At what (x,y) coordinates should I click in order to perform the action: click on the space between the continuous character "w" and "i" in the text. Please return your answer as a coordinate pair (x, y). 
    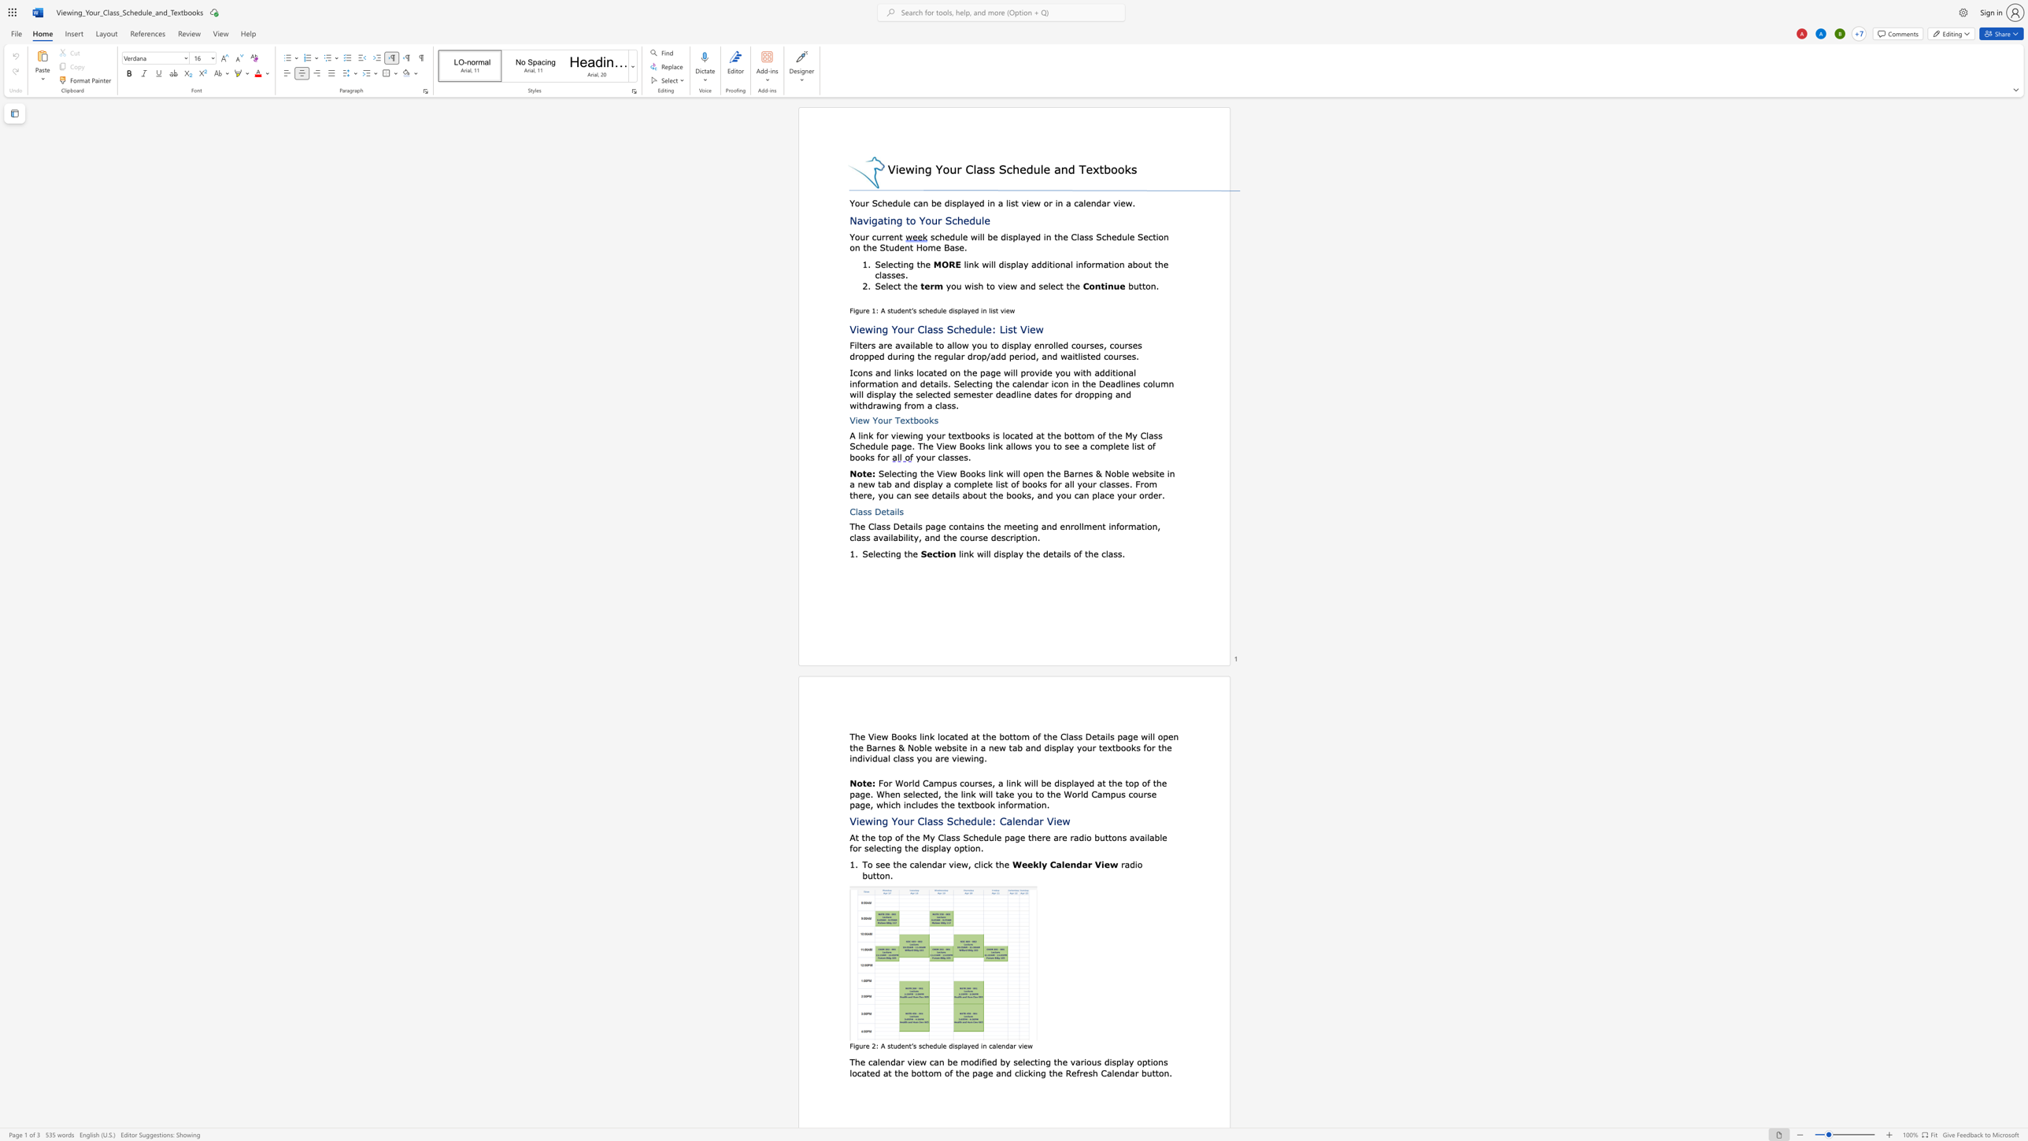
    Looking at the image, I should click on (912, 169).